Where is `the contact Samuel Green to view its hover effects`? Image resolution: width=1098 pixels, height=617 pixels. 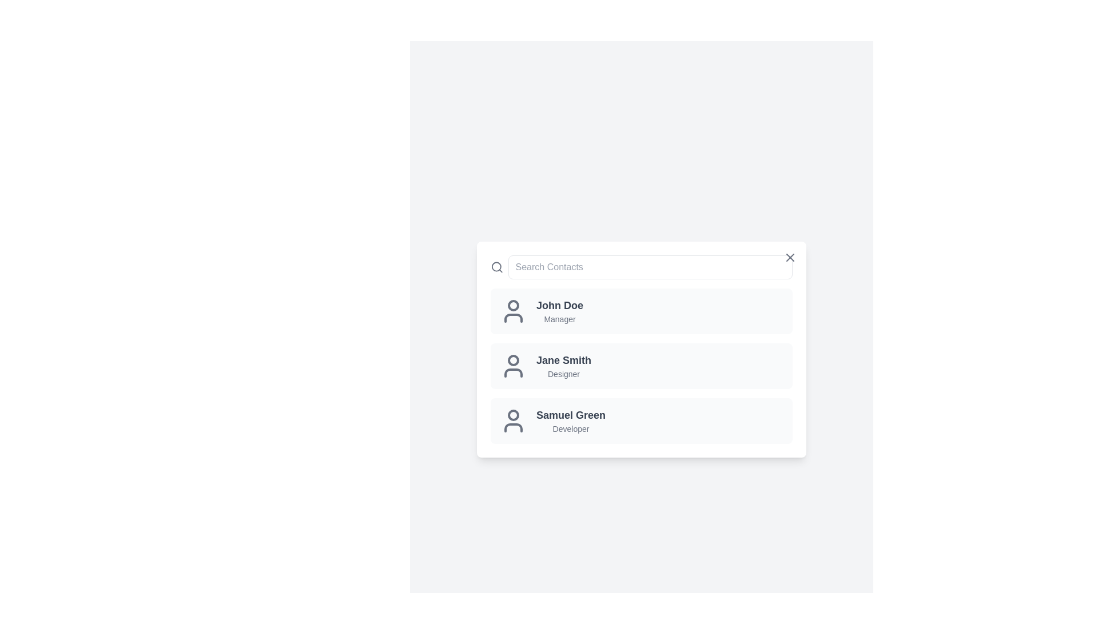
the contact Samuel Green to view its hover effects is located at coordinates (642, 420).